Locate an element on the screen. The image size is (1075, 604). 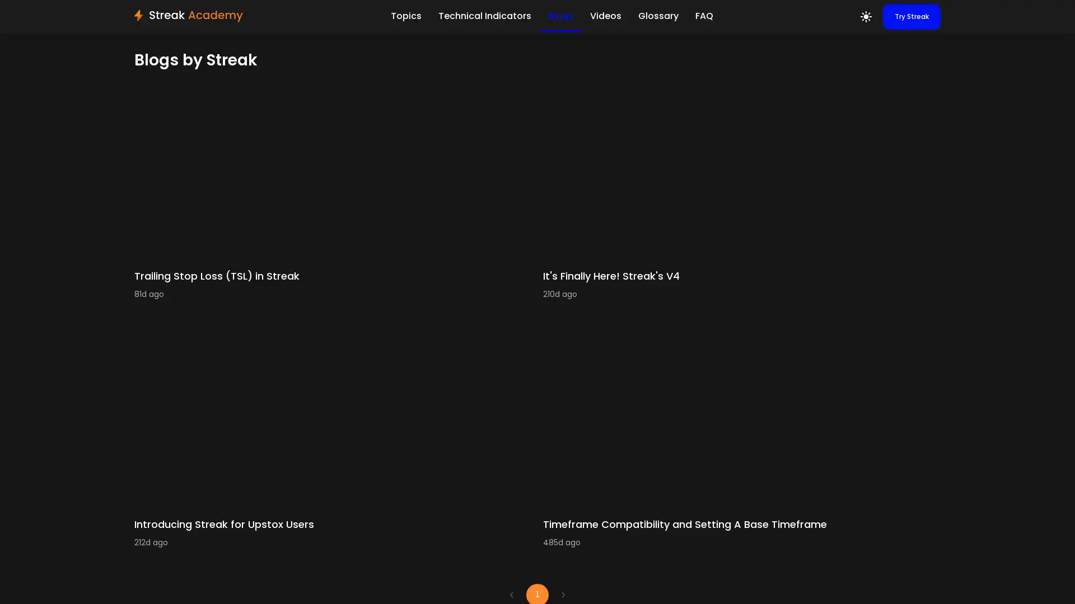
Videos is located at coordinates (604, 15).